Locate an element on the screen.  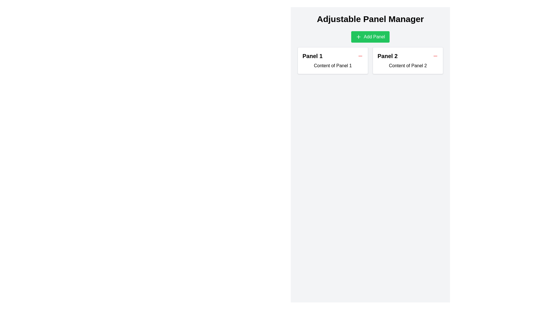
heading 'Panel 2' which is styled with a bold and larger font size, located above the text 'Content of Panel 2' in the second panel is located at coordinates (388, 56).